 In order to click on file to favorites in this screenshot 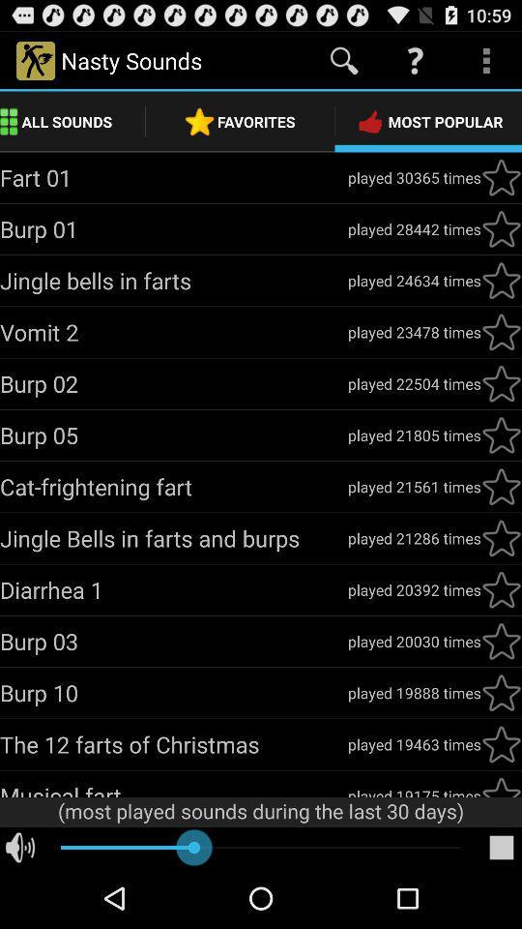, I will do `click(501, 177)`.